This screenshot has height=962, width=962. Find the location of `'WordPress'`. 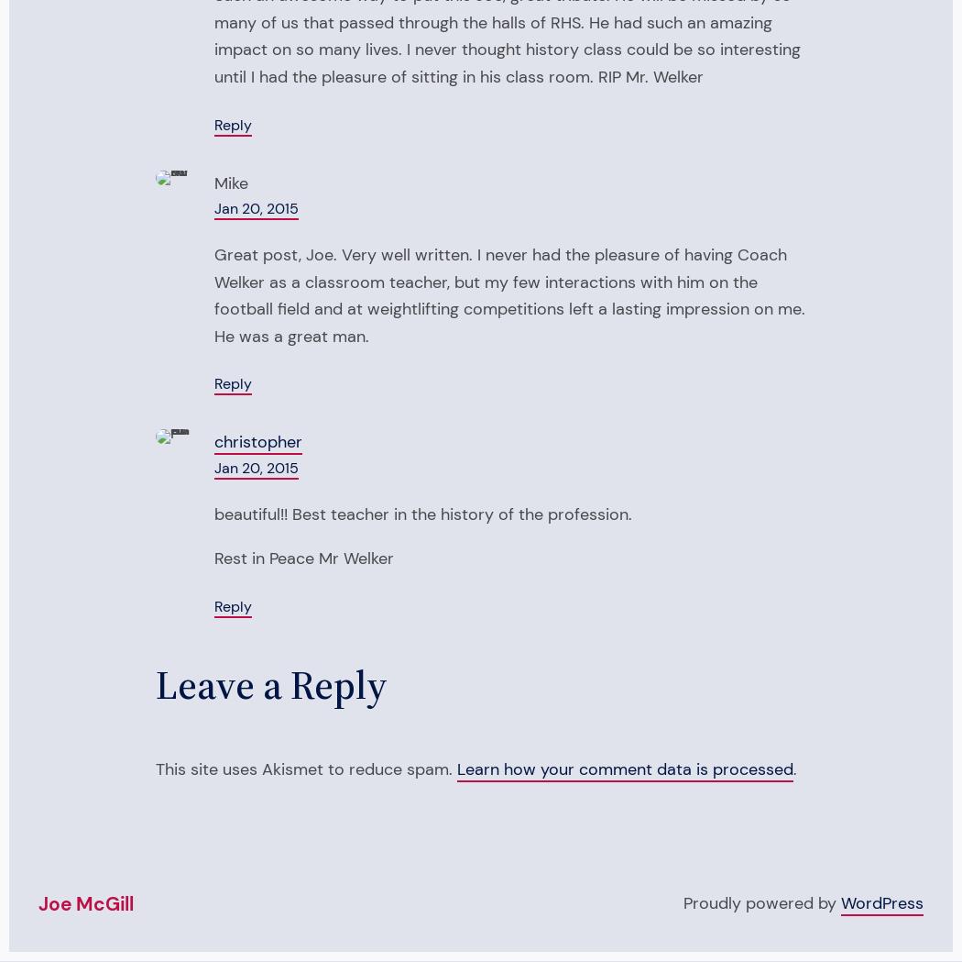

'WordPress' is located at coordinates (880, 902).